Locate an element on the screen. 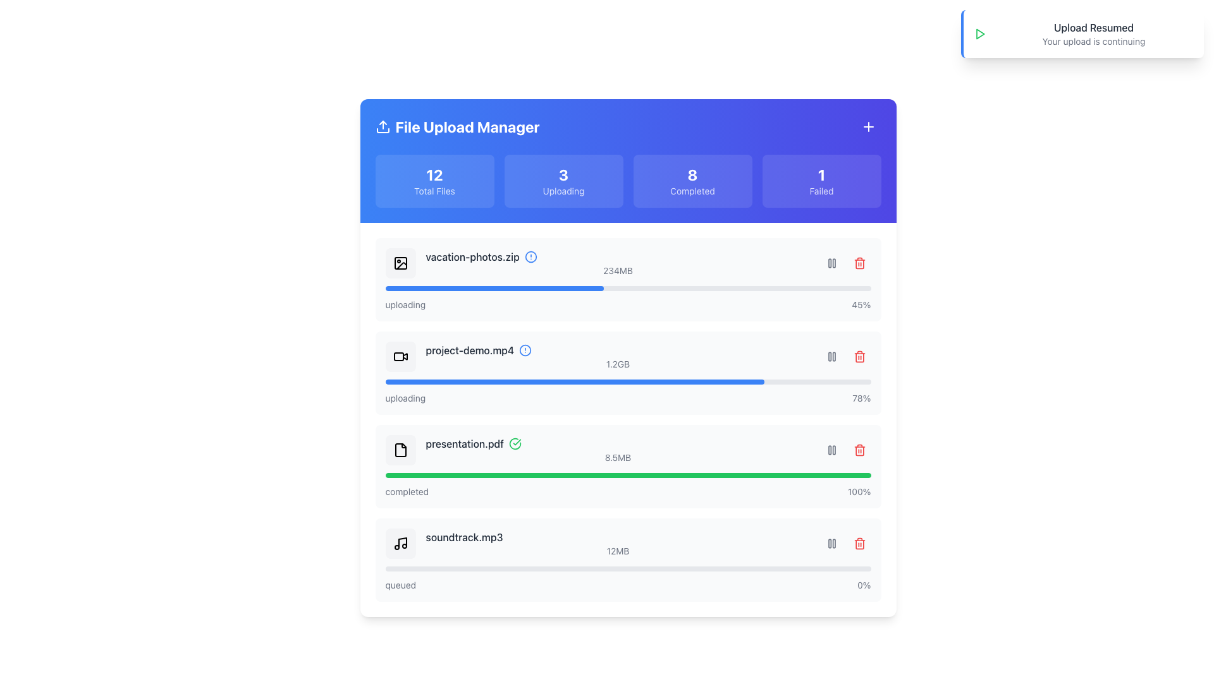 This screenshot has width=1214, height=682. the document file icon representing 'presentation.pdf' in the file upload manager is located at coordinates (400, 450).